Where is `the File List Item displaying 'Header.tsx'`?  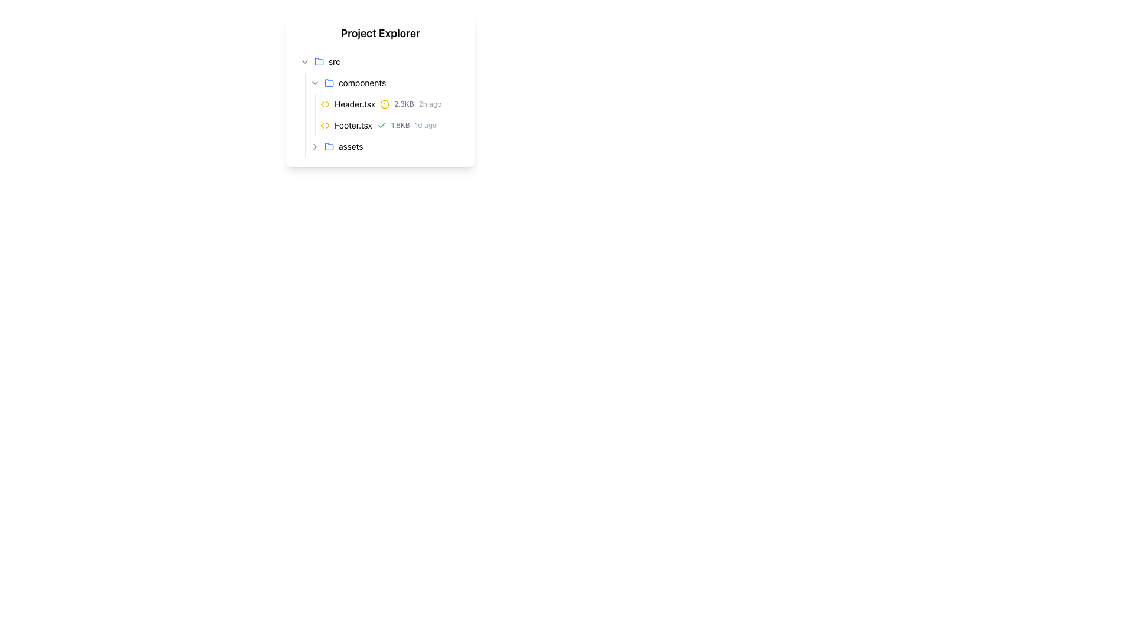
the File List Item displaying 'Header.tsx' is located at coordinates (385, 104).